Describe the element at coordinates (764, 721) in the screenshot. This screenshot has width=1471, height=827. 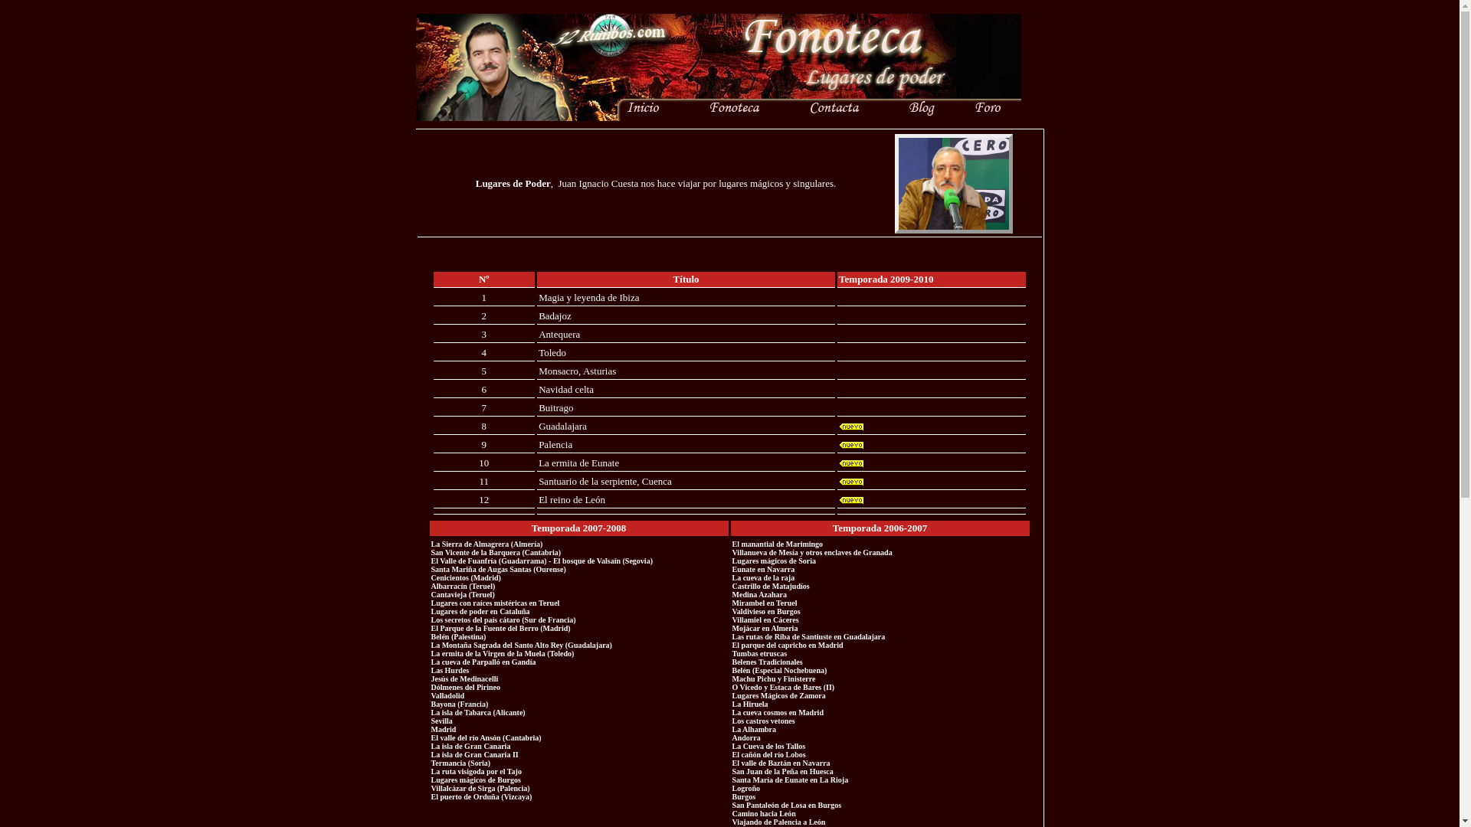
I see `'Los castros vetones'` at that location.